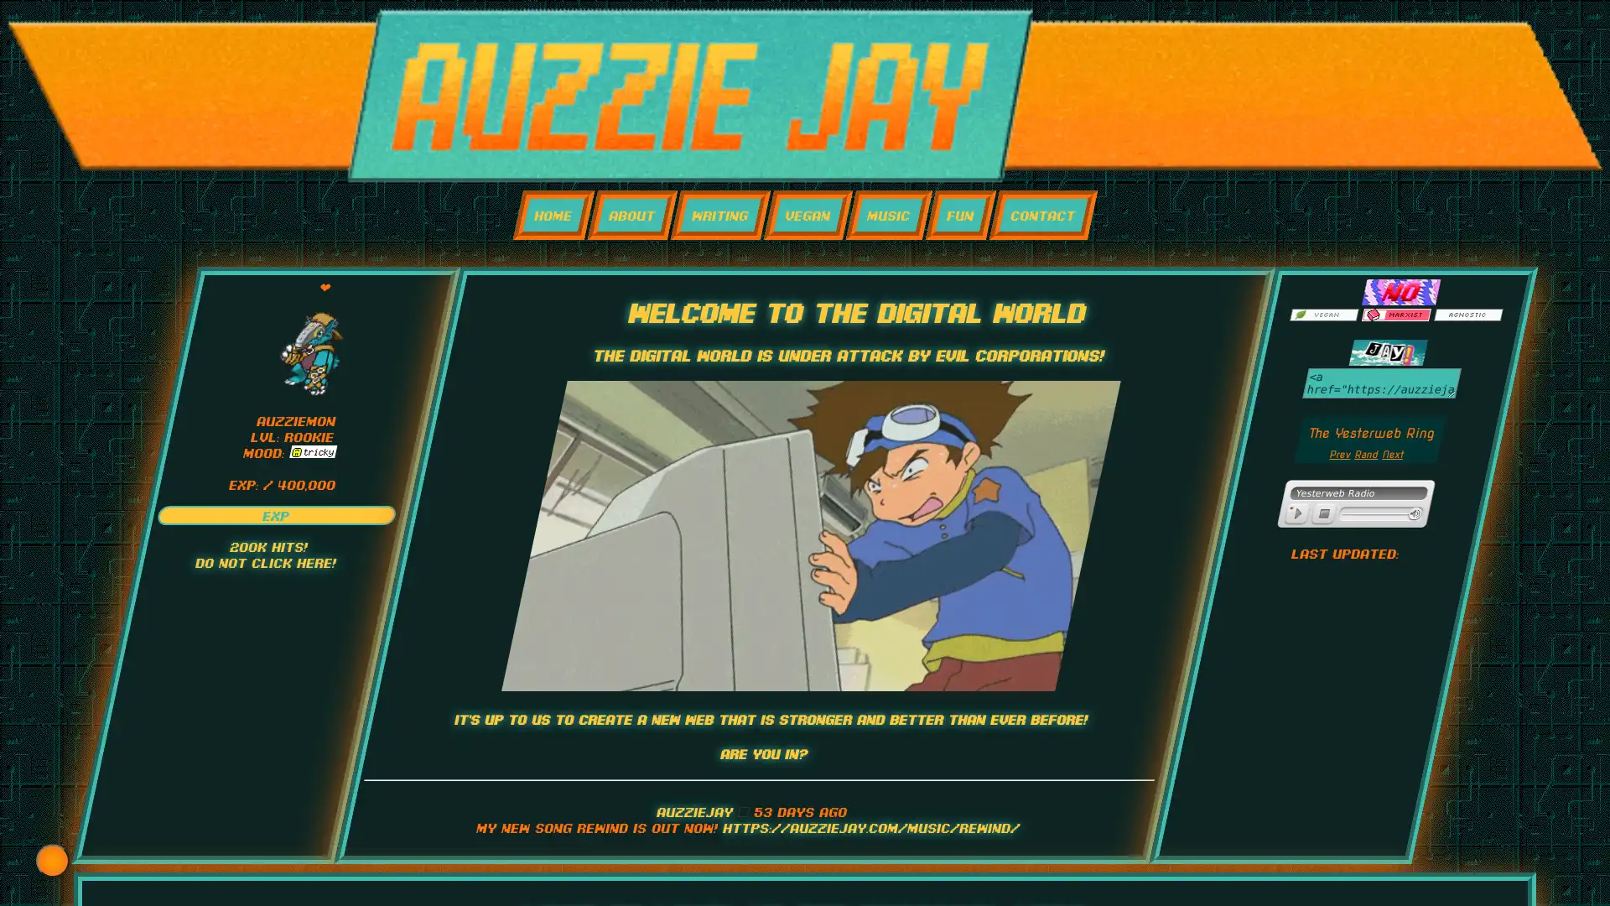 The height and width of the screenshot is (906, 1610). What do you see at coordinates (719, 214) in the screenshot?
I see `WRITING` at bounding box center [719, 214].